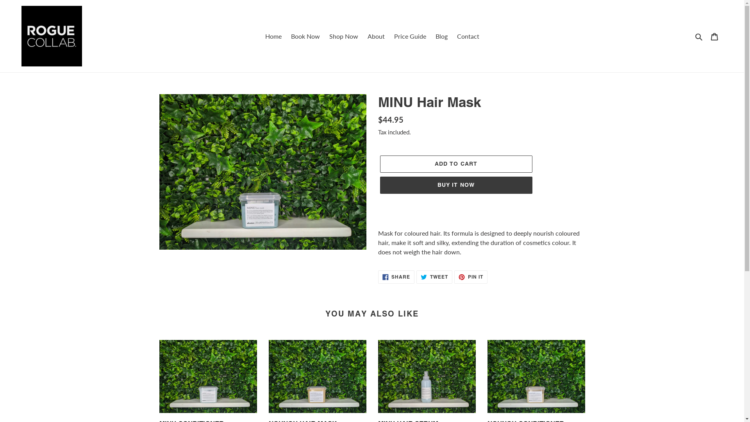  What do you see at coordinates (325, 36) in the screenshot?
I see `'Shop Now'` at bounding box center [325, 36].